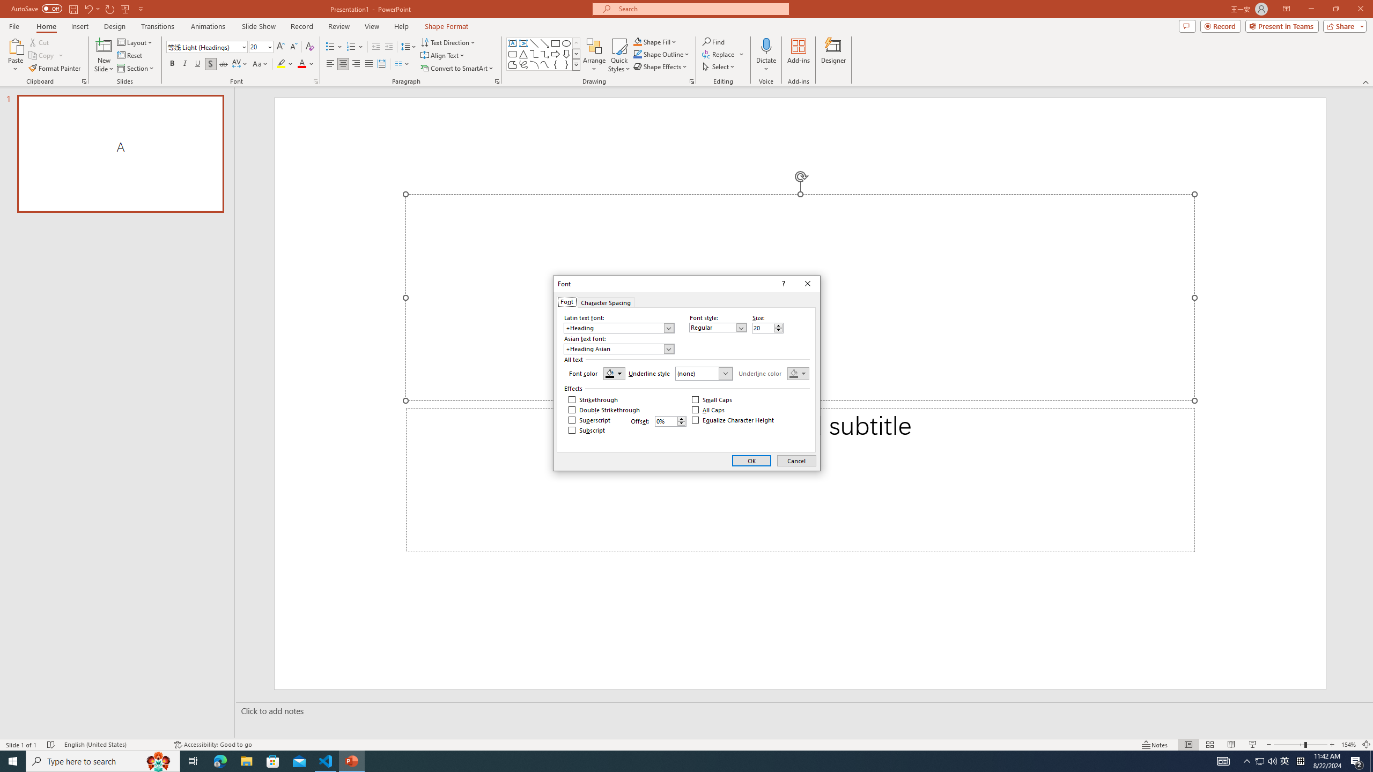  I want to click on 'Accessibility Checker Accessibility: Good to go', so click(213, 745).